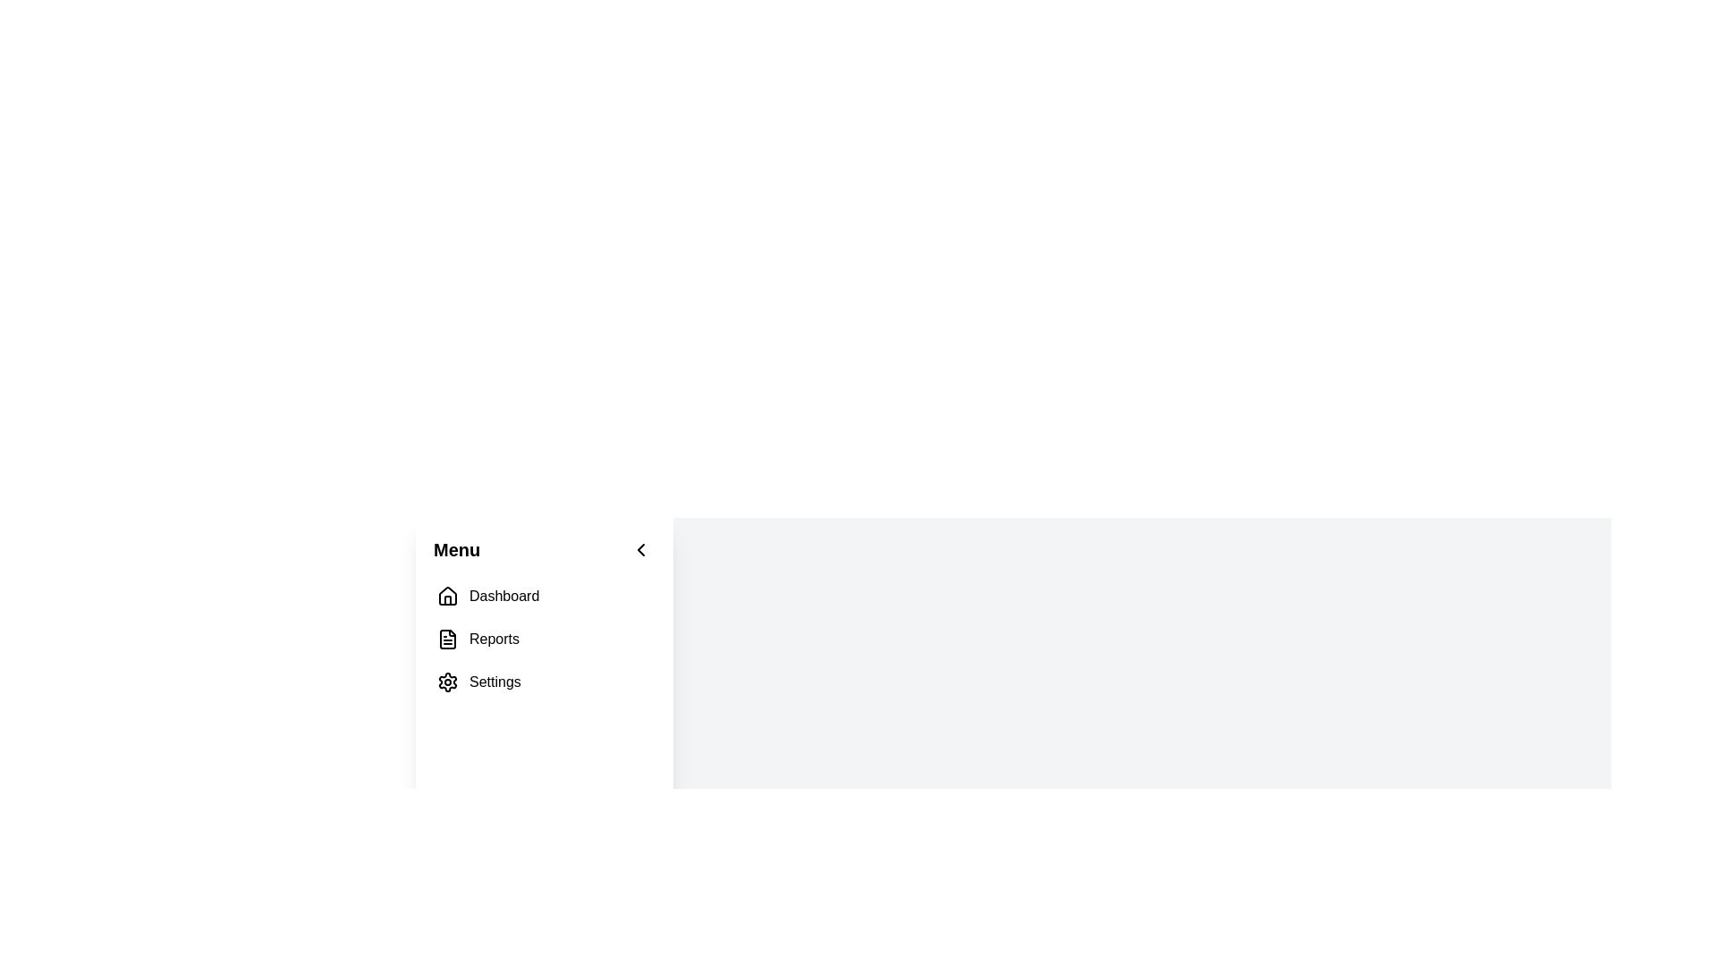  What do you see at coordinates (544, 638) in the screenshot?
I see `the 'Reports' menu item, which is the second item in the vertical list of the side menu, positioned between 'Dashboard' and 'Settings'` at bounding box center [544, 638].